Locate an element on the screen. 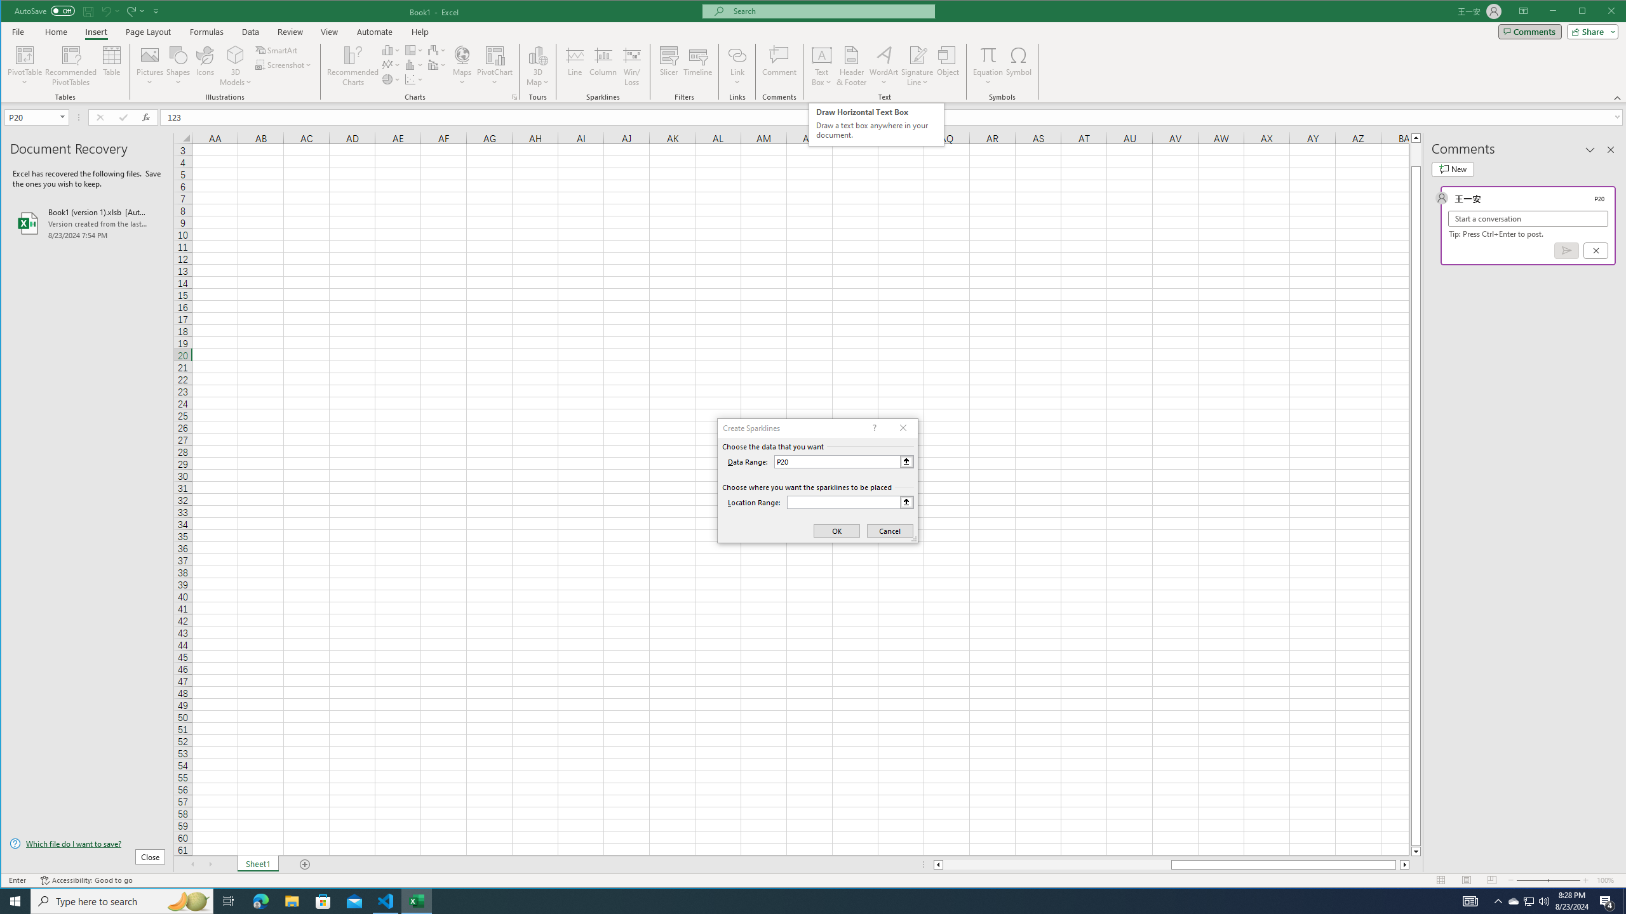 This screenshot has width=1626, height=914. 'Insert Waterfall, Funnel, Stock, Surface, or Radar Chart' is located at coordinates (437, 50).